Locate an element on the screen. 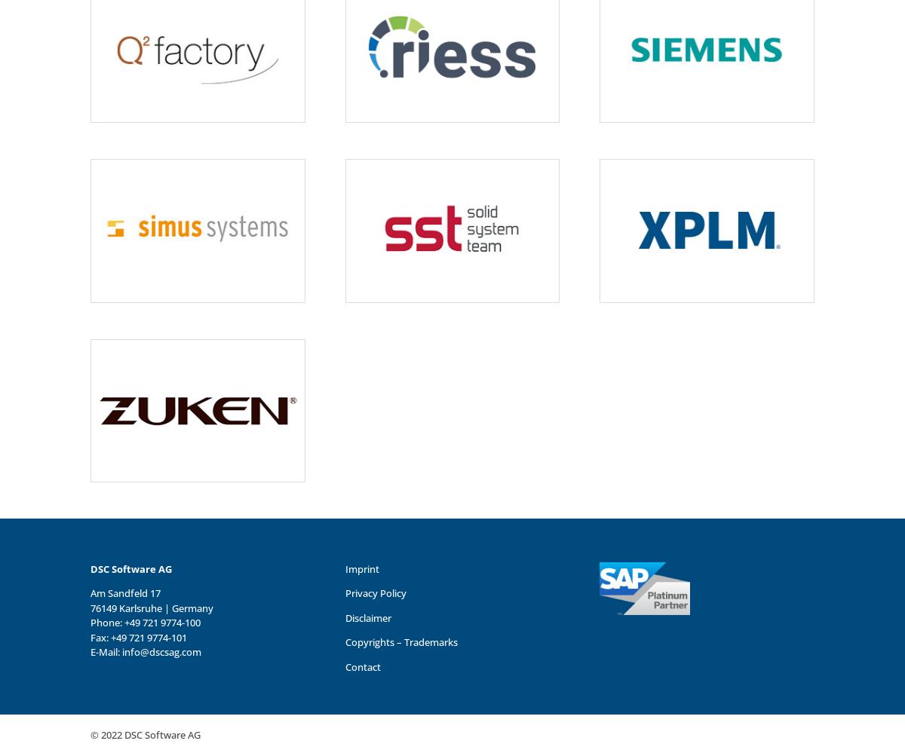 This screenshot has height=756, width=905. 'Copyrights – Trademarks' is located at coordinates (400, 642).